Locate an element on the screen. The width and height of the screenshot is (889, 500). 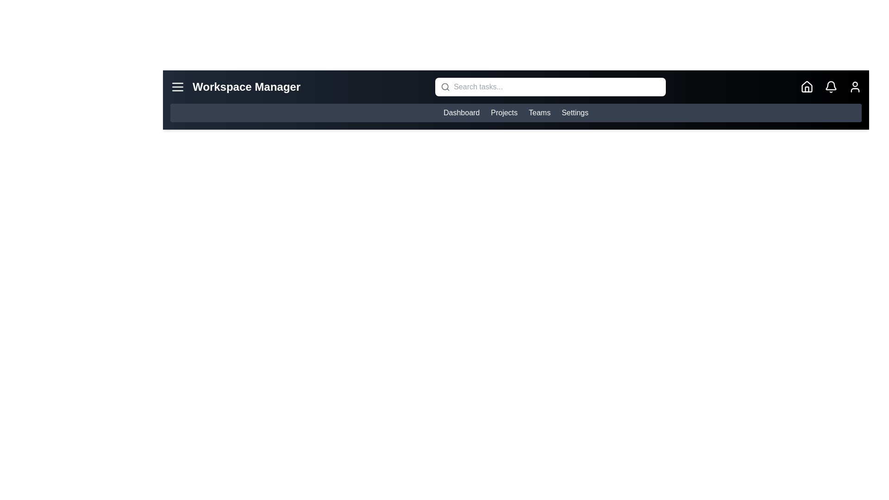
the User icon to open the user profile or settings is located at coordinates (855, 87).